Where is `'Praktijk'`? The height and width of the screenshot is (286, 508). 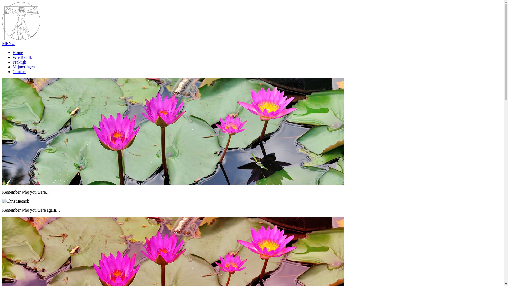
'Praktijk' is located at coordinates (19, 62).